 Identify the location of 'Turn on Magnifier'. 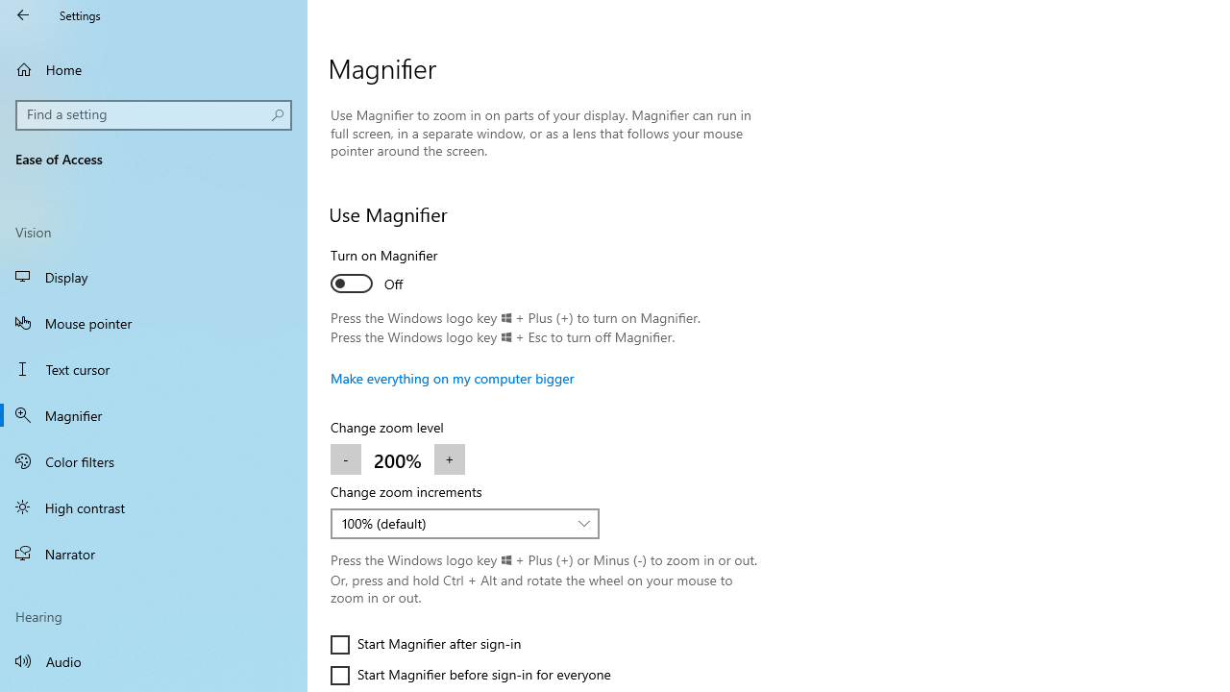
(400, 272).